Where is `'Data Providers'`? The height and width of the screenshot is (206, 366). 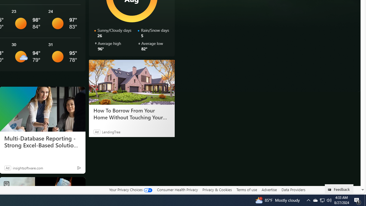 'Data Providers' is located at coordinates (293, 190).